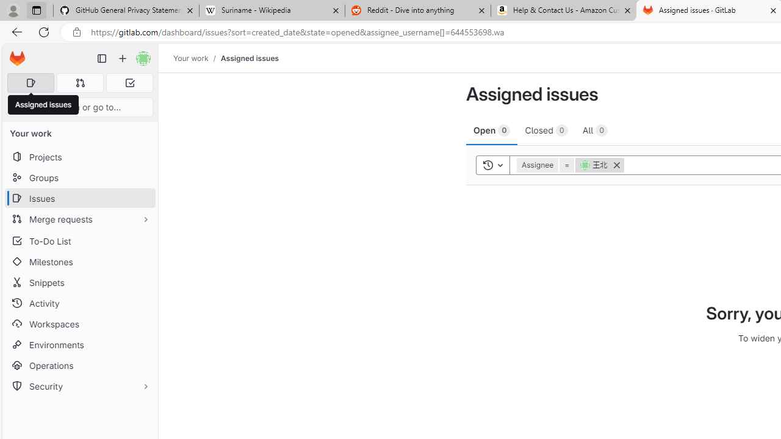  Describe the element at coordinates (79, 156) in the screenshot. I see `'Projects'` at that location.